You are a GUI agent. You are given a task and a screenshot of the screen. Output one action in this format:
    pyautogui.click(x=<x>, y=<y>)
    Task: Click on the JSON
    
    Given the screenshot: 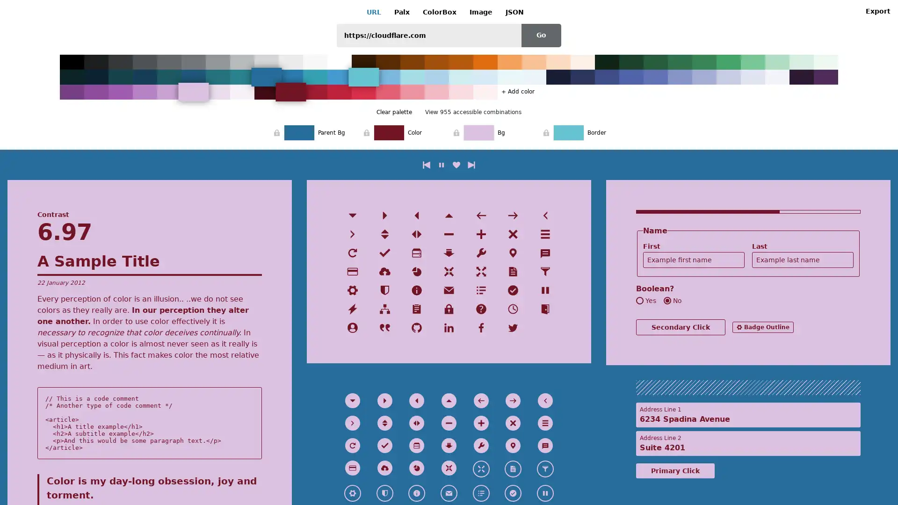 What is the action you would take?
    pyautogui.click(x=514, y=12)
    